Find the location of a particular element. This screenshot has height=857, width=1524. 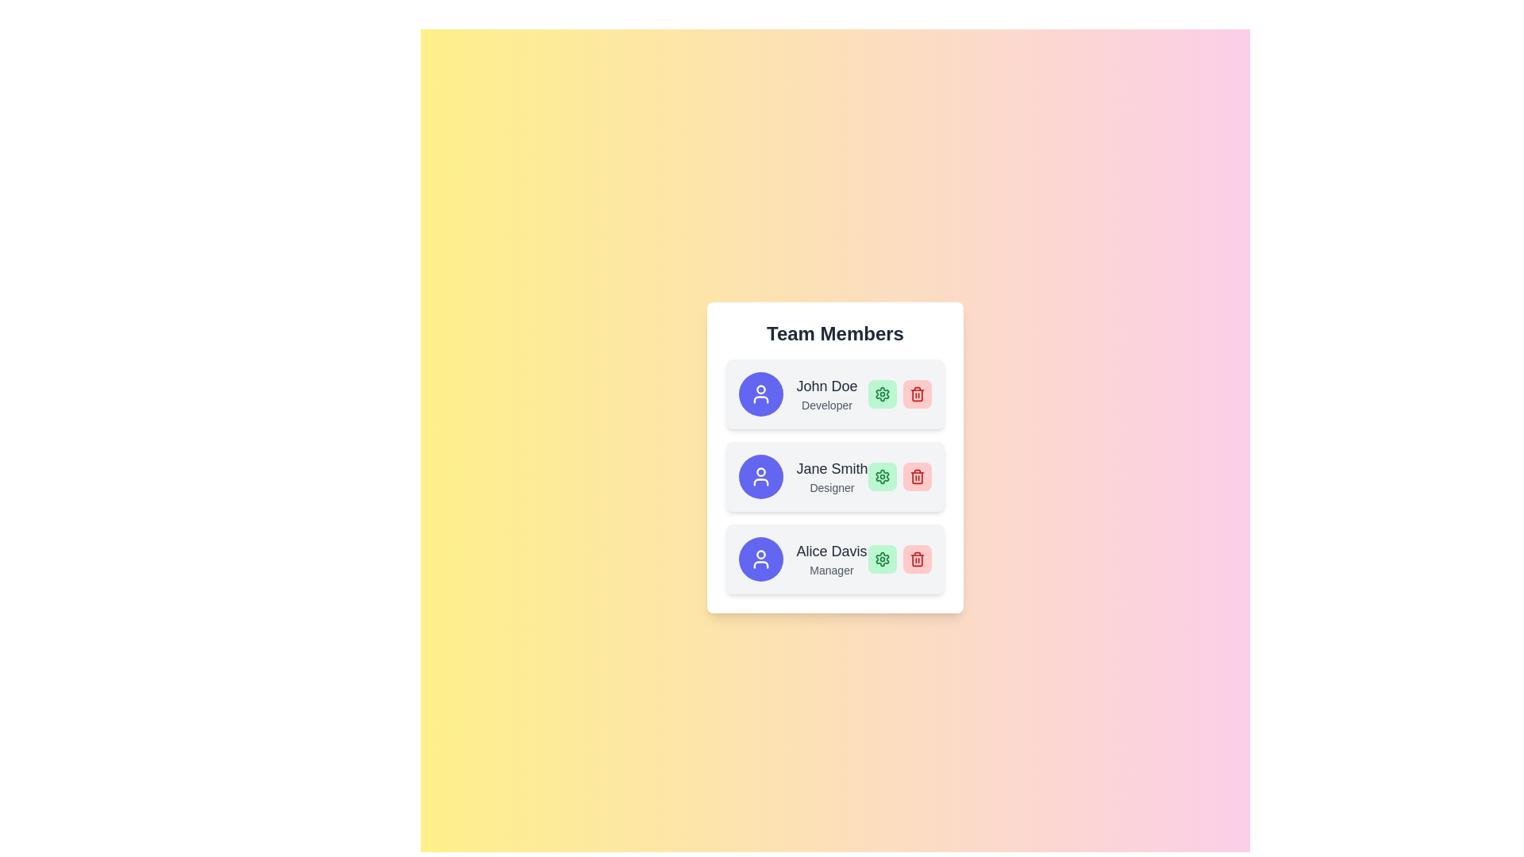

the circular avatar head element representing 'Alice Davis' within the profile icon in the 'Team Members' panel is located at coordinates (760, 554).